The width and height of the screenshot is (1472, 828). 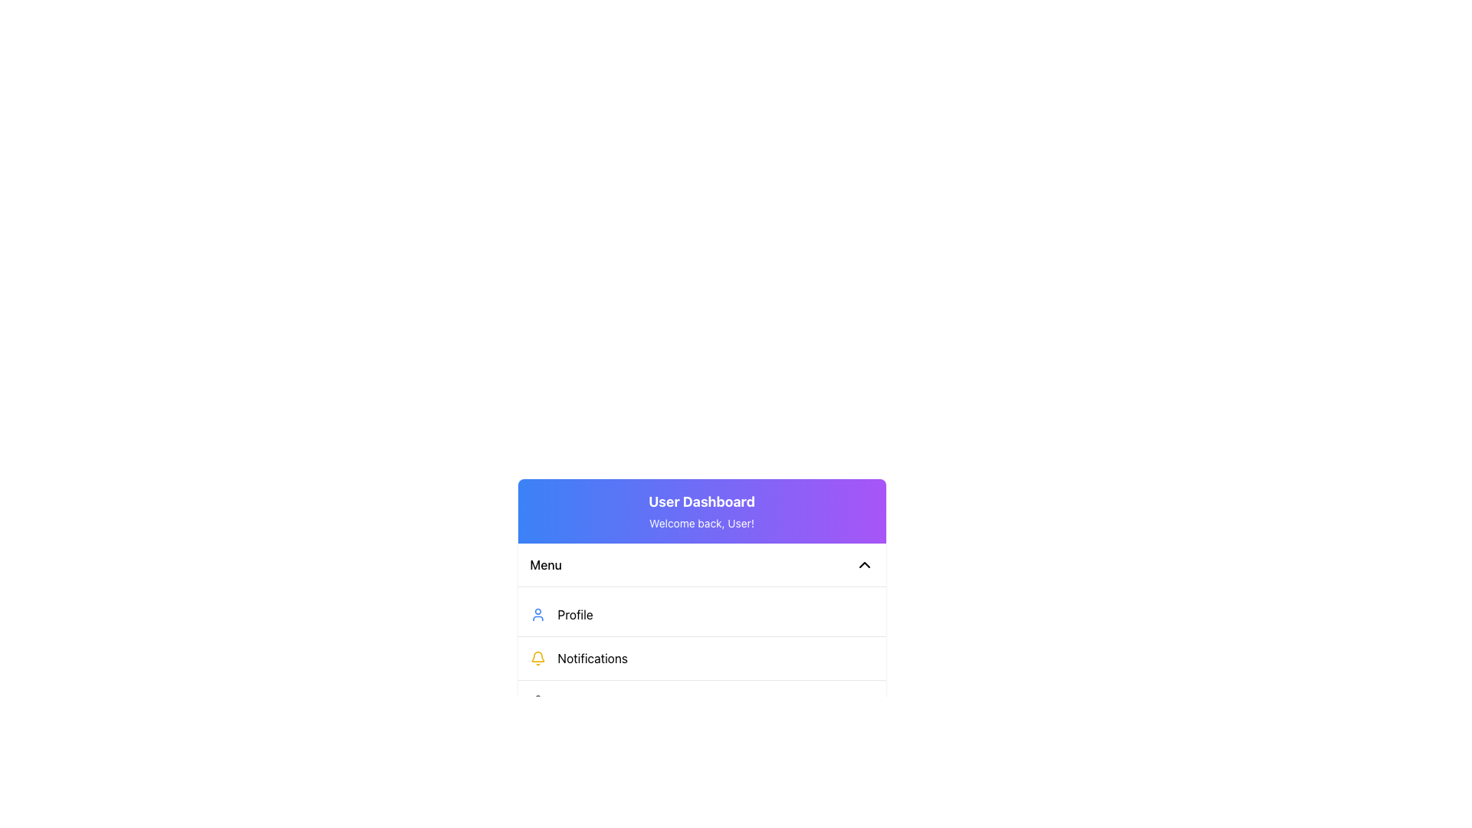 What do you see at coordinates (537, 655) in the screenshot?
I see `the yellow hollow outline bell icon, which is the second element in the menu list` at bounding box center [537, 655].